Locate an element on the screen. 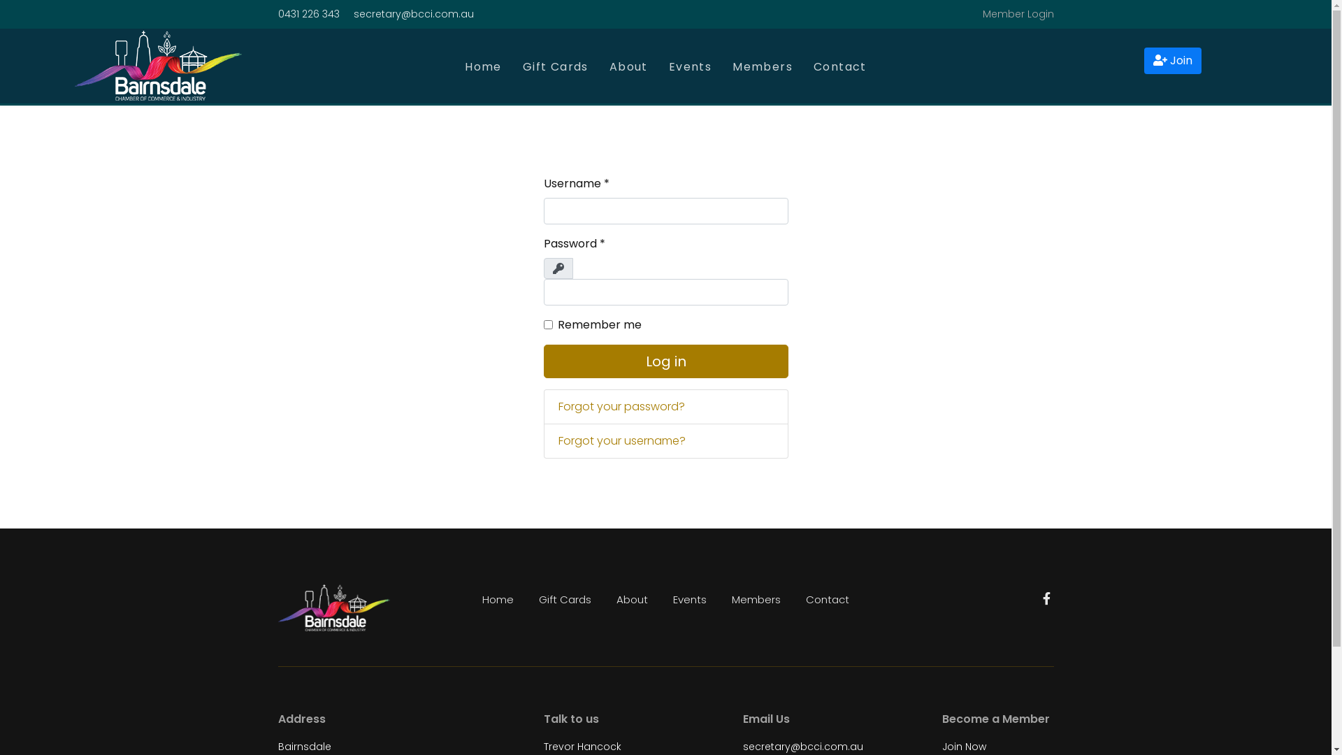 The width and height of the screenshot is (1342, 755). 'Contact' is located at coordinates (828, 598).